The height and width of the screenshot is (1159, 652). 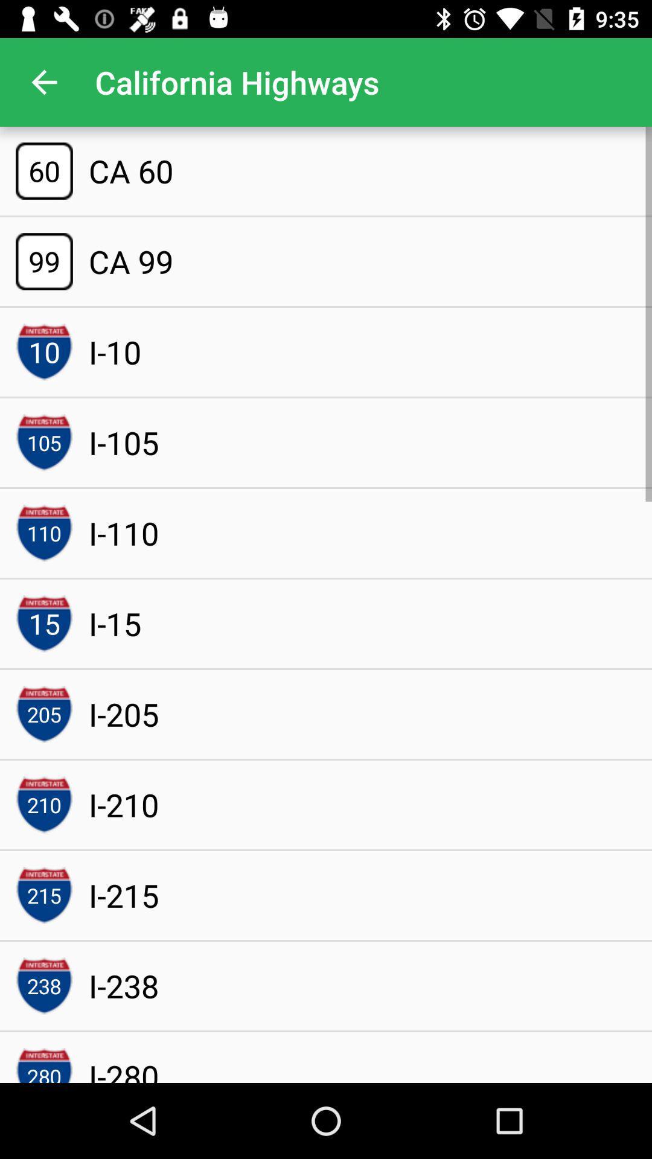 What do you see at coordinates (124, 986) in the screenshot?
I see `the i-238` at bounding box center [124, 986].